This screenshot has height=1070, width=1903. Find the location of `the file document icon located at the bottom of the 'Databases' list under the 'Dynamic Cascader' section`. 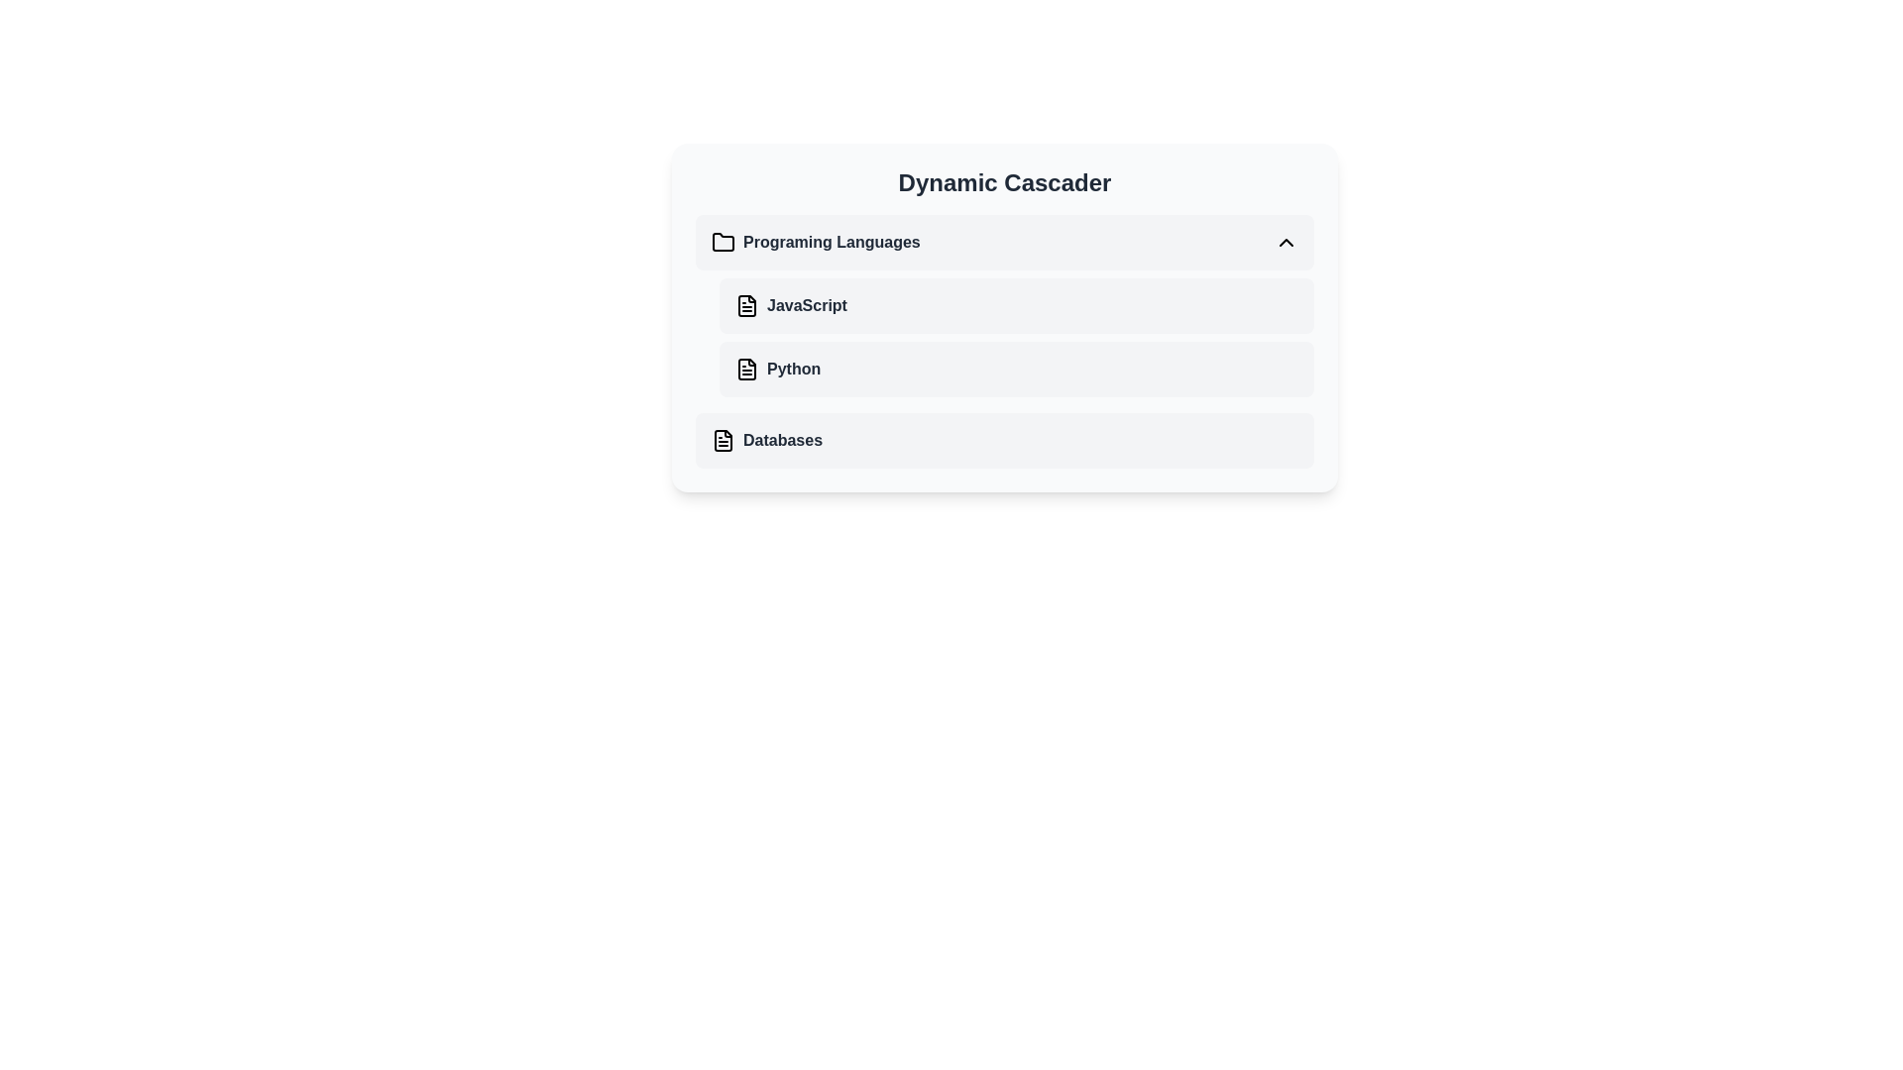

the file document icon located at the bottom of the 'Databases' list under the 'Dynamic Cascader' section is located at coordinates (722, 439).